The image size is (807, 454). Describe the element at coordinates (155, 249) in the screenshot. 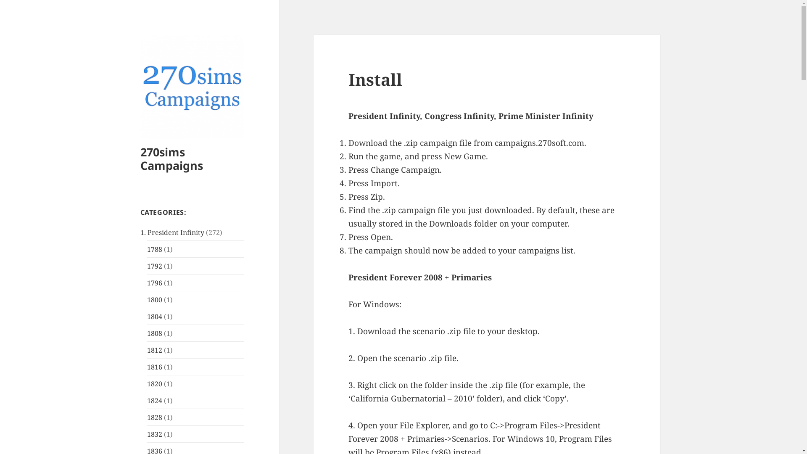

I see `'1788'` at that location.